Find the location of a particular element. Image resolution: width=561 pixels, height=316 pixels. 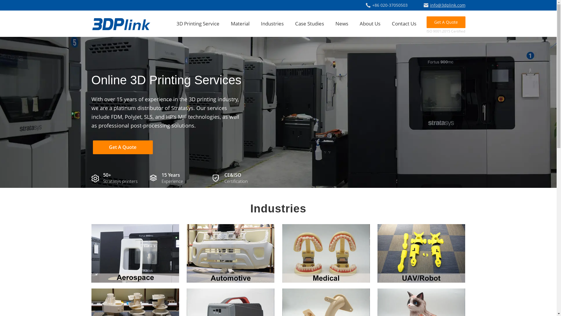

'News' is located at coordinates (335, 23).